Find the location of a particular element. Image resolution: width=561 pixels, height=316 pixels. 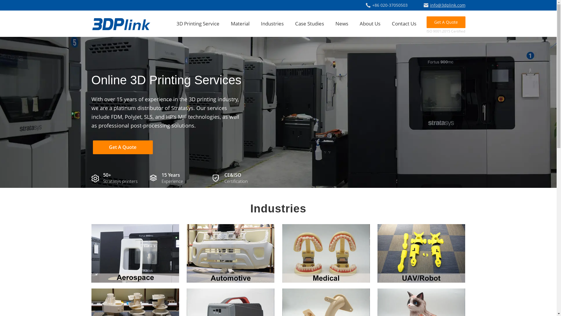

'News' is located at coordinates (335, 23).